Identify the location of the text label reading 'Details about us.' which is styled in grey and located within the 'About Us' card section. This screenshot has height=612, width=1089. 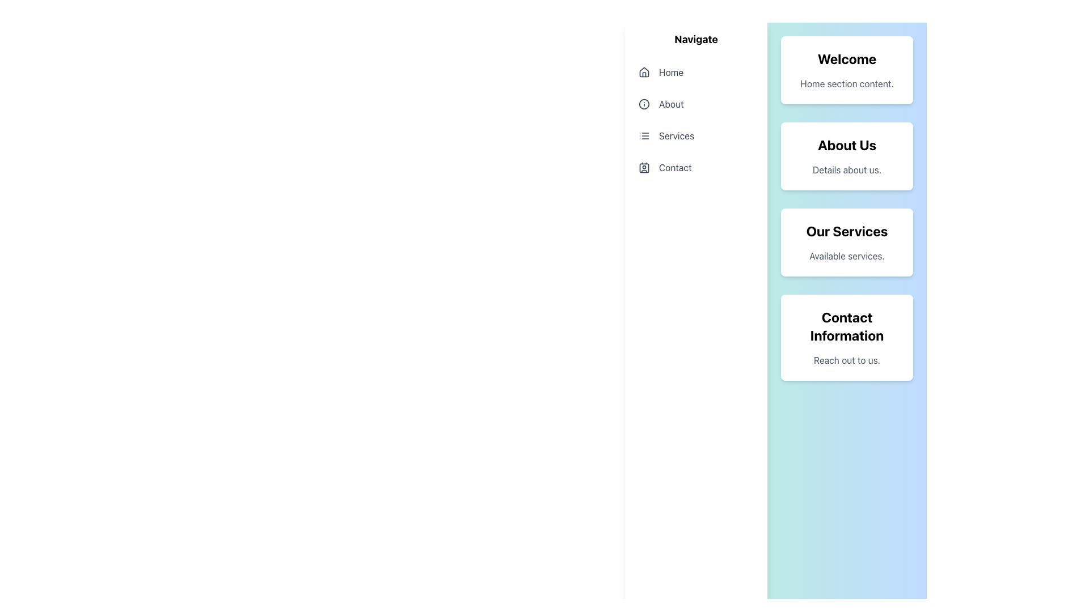
(847, 170).